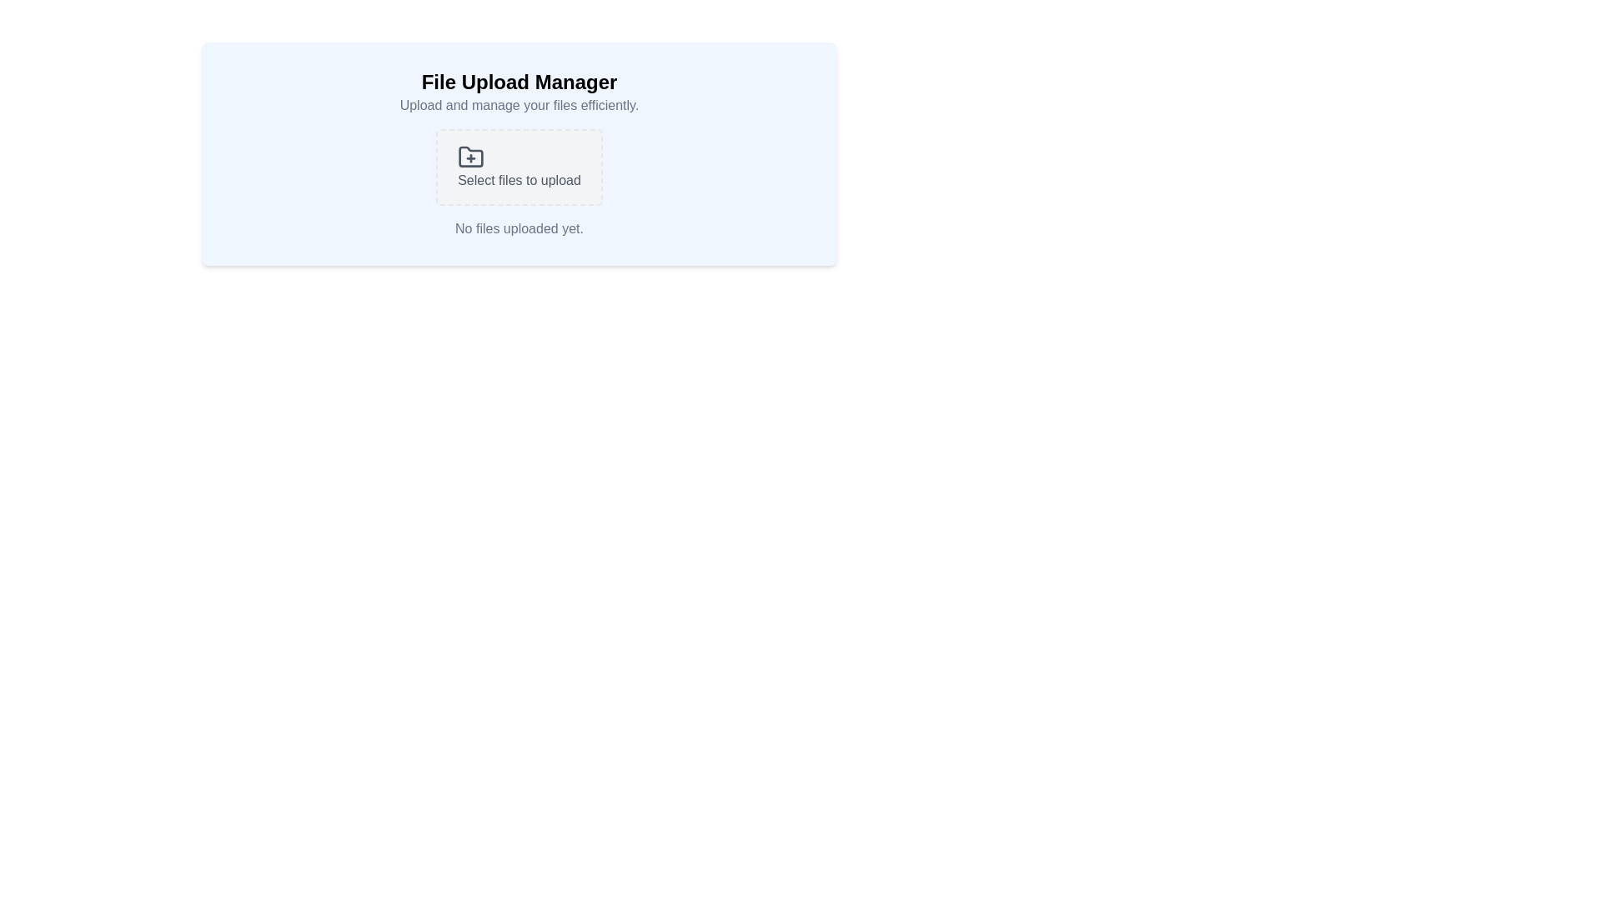 The image size is (1601, 900). What do you see at coordinates (519, 92) in the screenshot?
I see `text from the Label titled 'File Upload Manager' which contains a subtitle 'Upload and manage your files efficiently.'` at bounding box center [519, 92].